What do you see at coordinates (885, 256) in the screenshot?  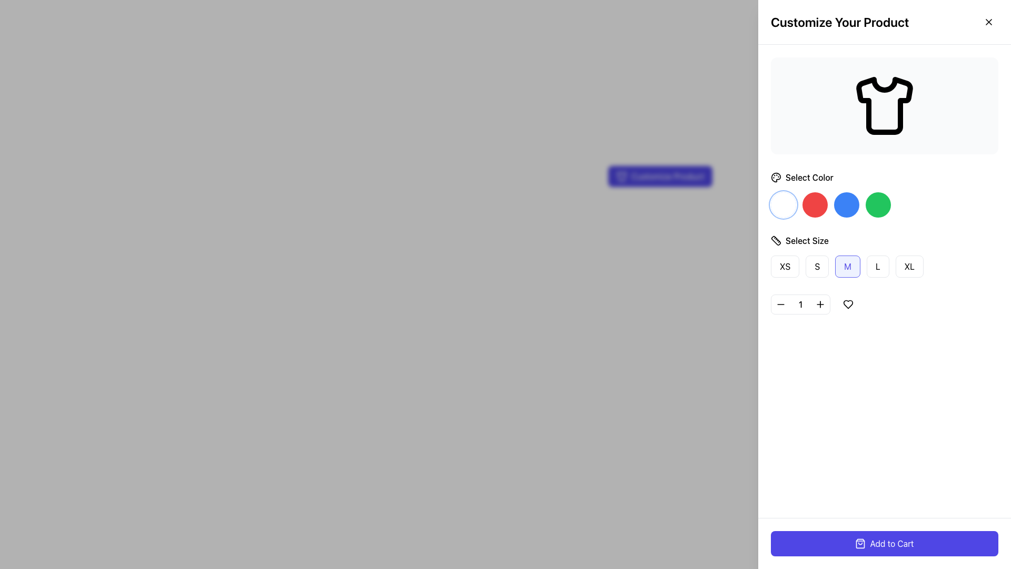 I see `the button in the size selection group located in the right panel of the interface, underneath 'Select Color' and above the quantity selector` at bounding box center [885, 256].